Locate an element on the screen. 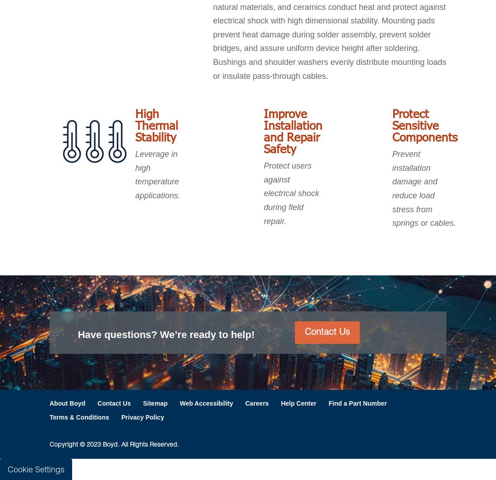 The height and width of the screenshot is (480, 496). 'Terms & Conditions' is located at coordinates (50, 417).